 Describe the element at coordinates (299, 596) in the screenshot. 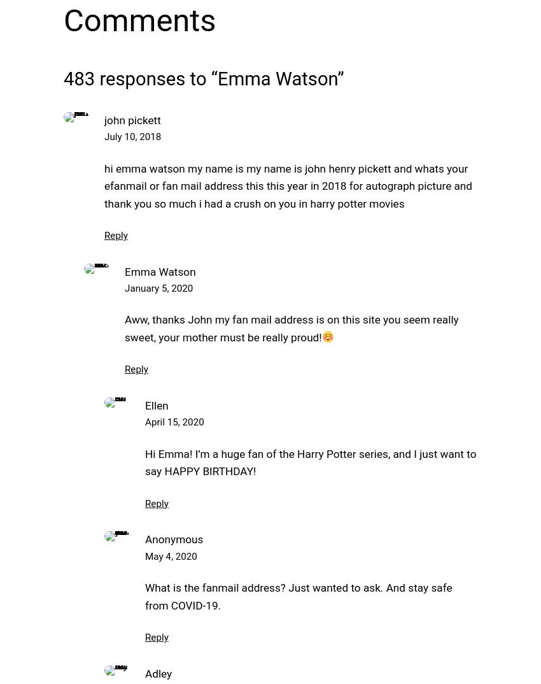

I see `'What is the fanmail address? Just wanted to ask. And stay safe from COVID-19.'` at that location.